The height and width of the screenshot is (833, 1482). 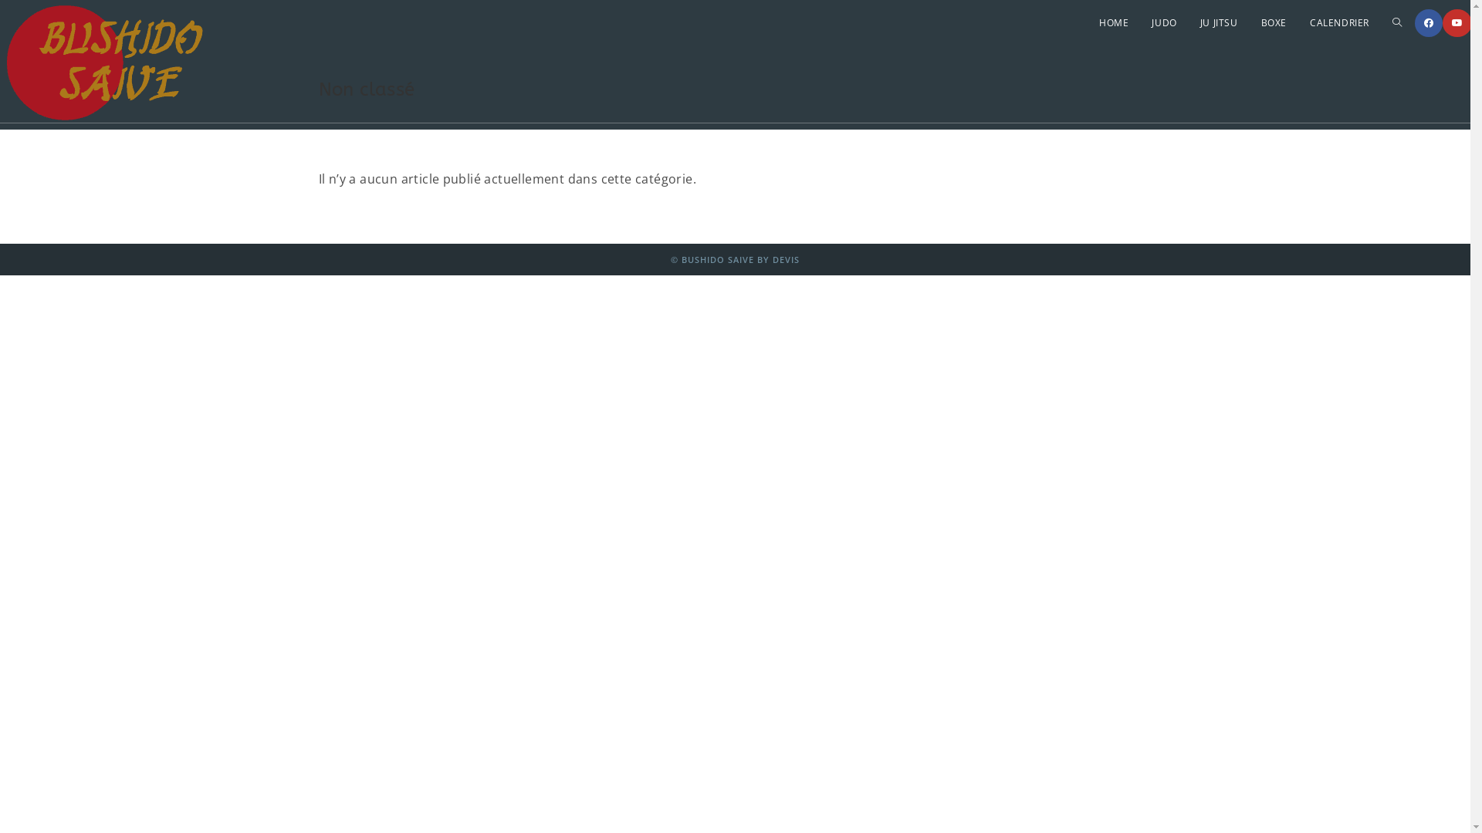 I want to click on 'JU JITSU', so click(x=1218, y=23).